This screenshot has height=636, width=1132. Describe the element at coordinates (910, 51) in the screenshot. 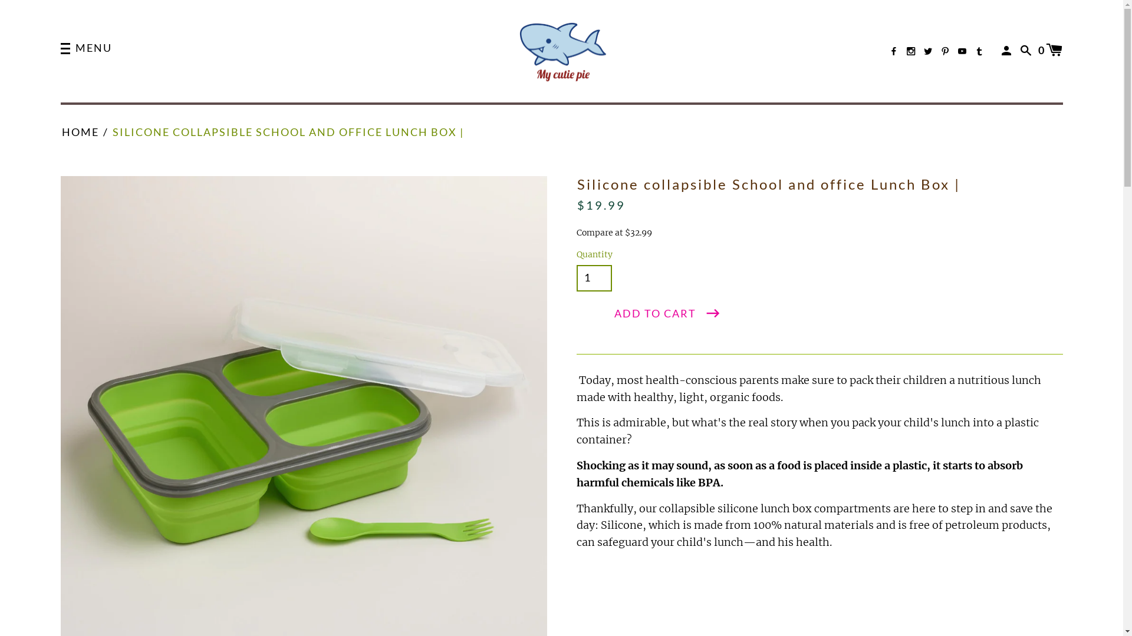

I see `'My Cutie Pie on Instagram'` at that location.